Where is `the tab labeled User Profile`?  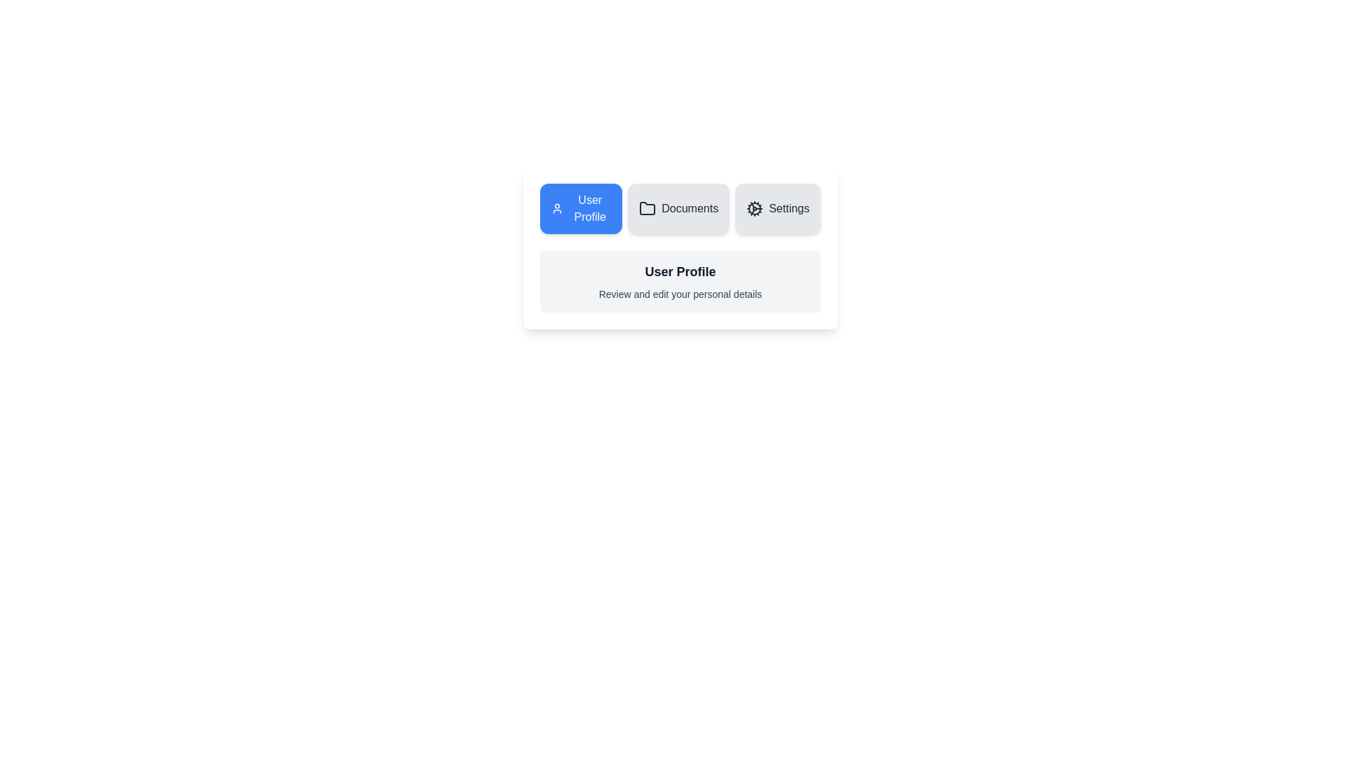 the tab labeled User Profile is located at coordinates (581, 208).